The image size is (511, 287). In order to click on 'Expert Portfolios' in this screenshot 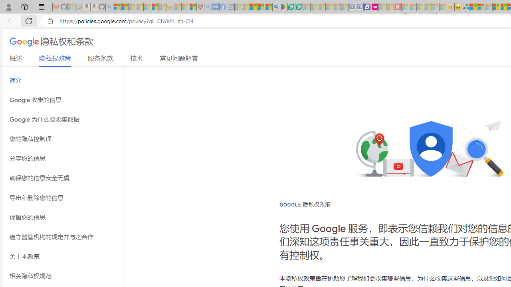, I will do `click(495, 7)`.